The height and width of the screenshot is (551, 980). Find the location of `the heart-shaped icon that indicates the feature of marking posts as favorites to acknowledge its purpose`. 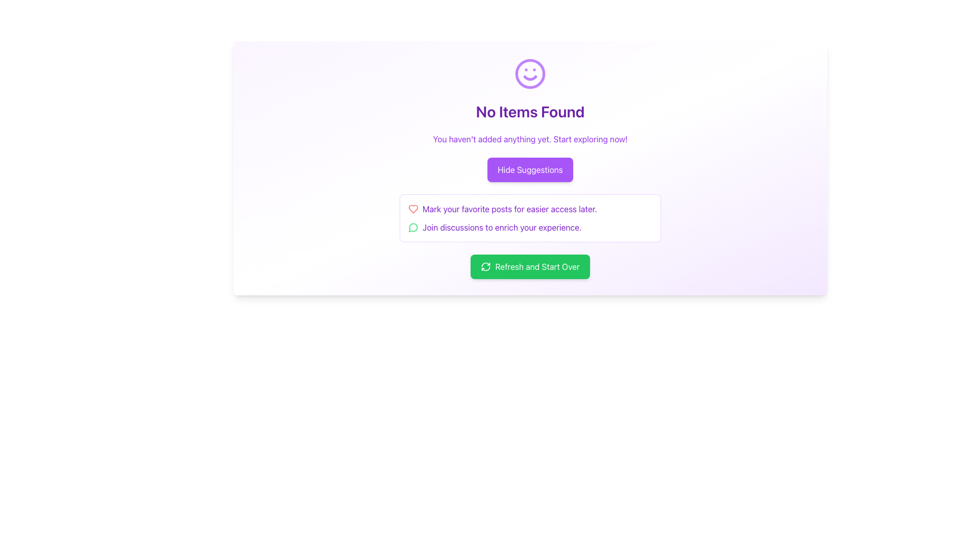

the heart-shaped icon that indicates the feature of marking posts as favorites to acknowledge its purpose is located at coordinates (413, 208).